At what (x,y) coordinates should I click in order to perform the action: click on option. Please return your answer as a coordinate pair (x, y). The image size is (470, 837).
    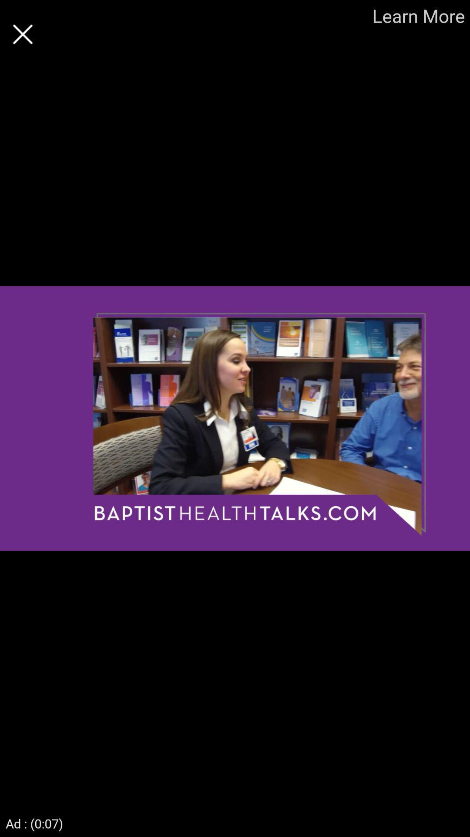
    Looking at the image, I should click on (22, 34).